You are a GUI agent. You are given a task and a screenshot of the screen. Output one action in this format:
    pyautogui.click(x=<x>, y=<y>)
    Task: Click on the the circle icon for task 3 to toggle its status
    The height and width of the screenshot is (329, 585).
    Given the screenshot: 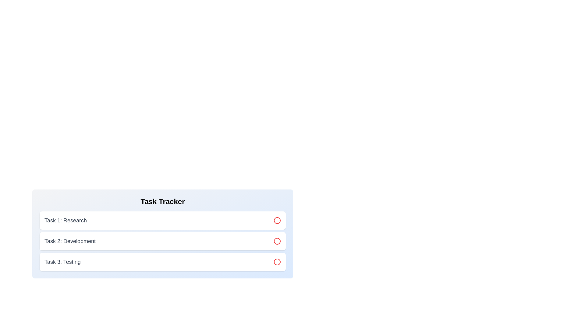 What is the action you would take?
    pyautogui.click(x=277, y=262)
    